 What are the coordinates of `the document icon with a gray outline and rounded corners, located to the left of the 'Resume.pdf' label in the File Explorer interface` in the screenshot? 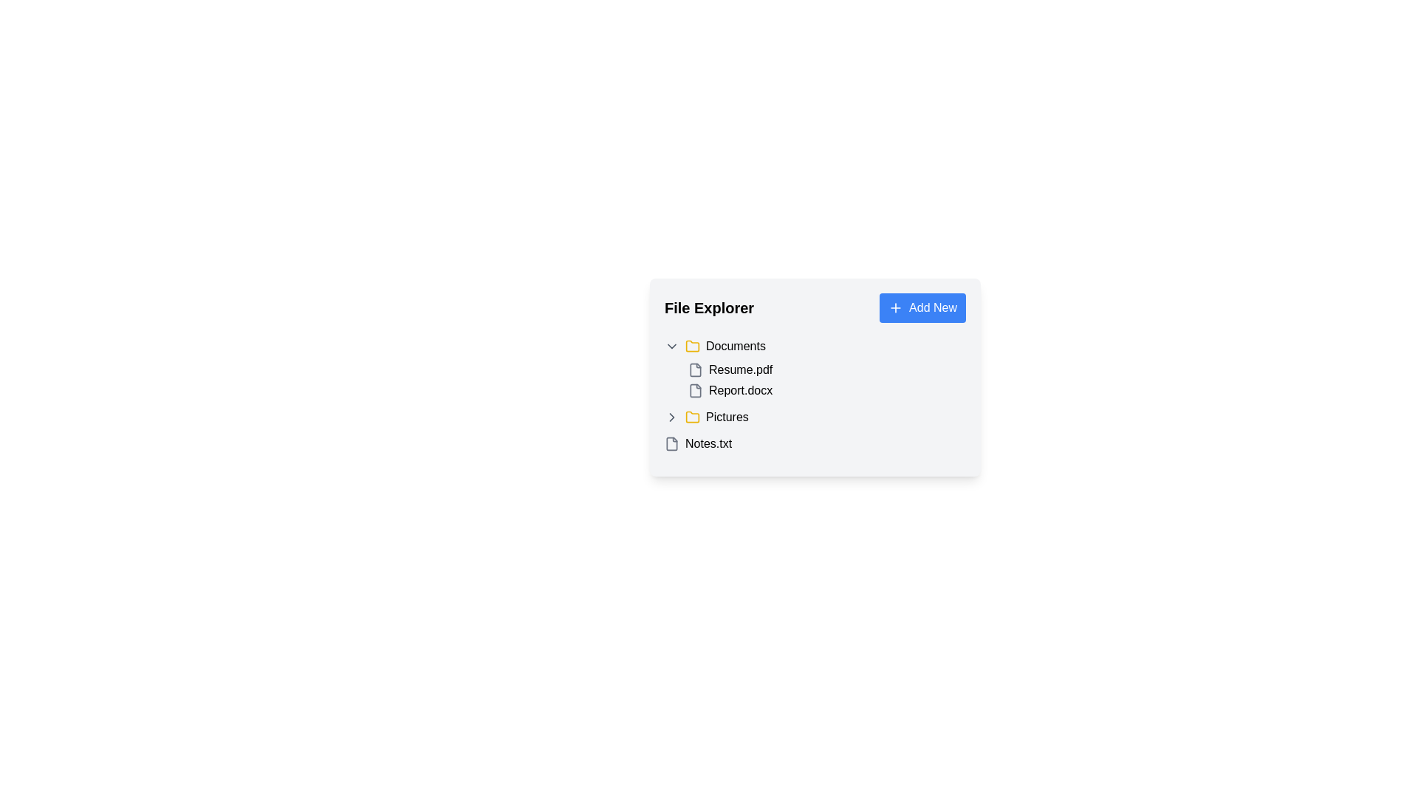 It's located at (694, 369).